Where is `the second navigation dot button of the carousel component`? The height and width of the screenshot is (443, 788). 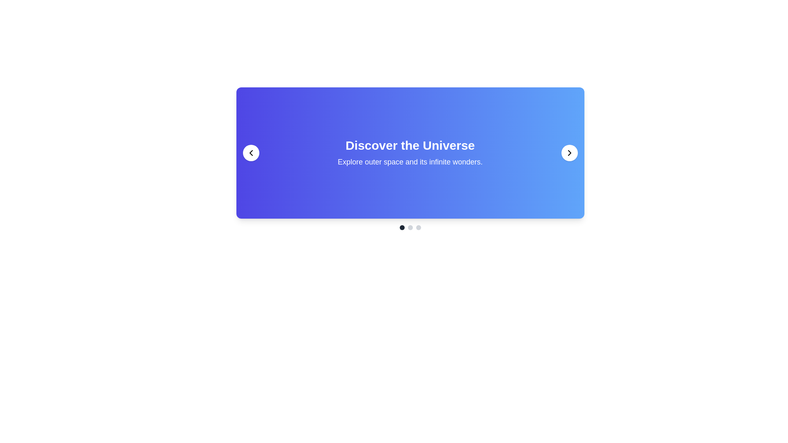
the second navigation dot button of the carousel component is located at coordinates (410, 228).